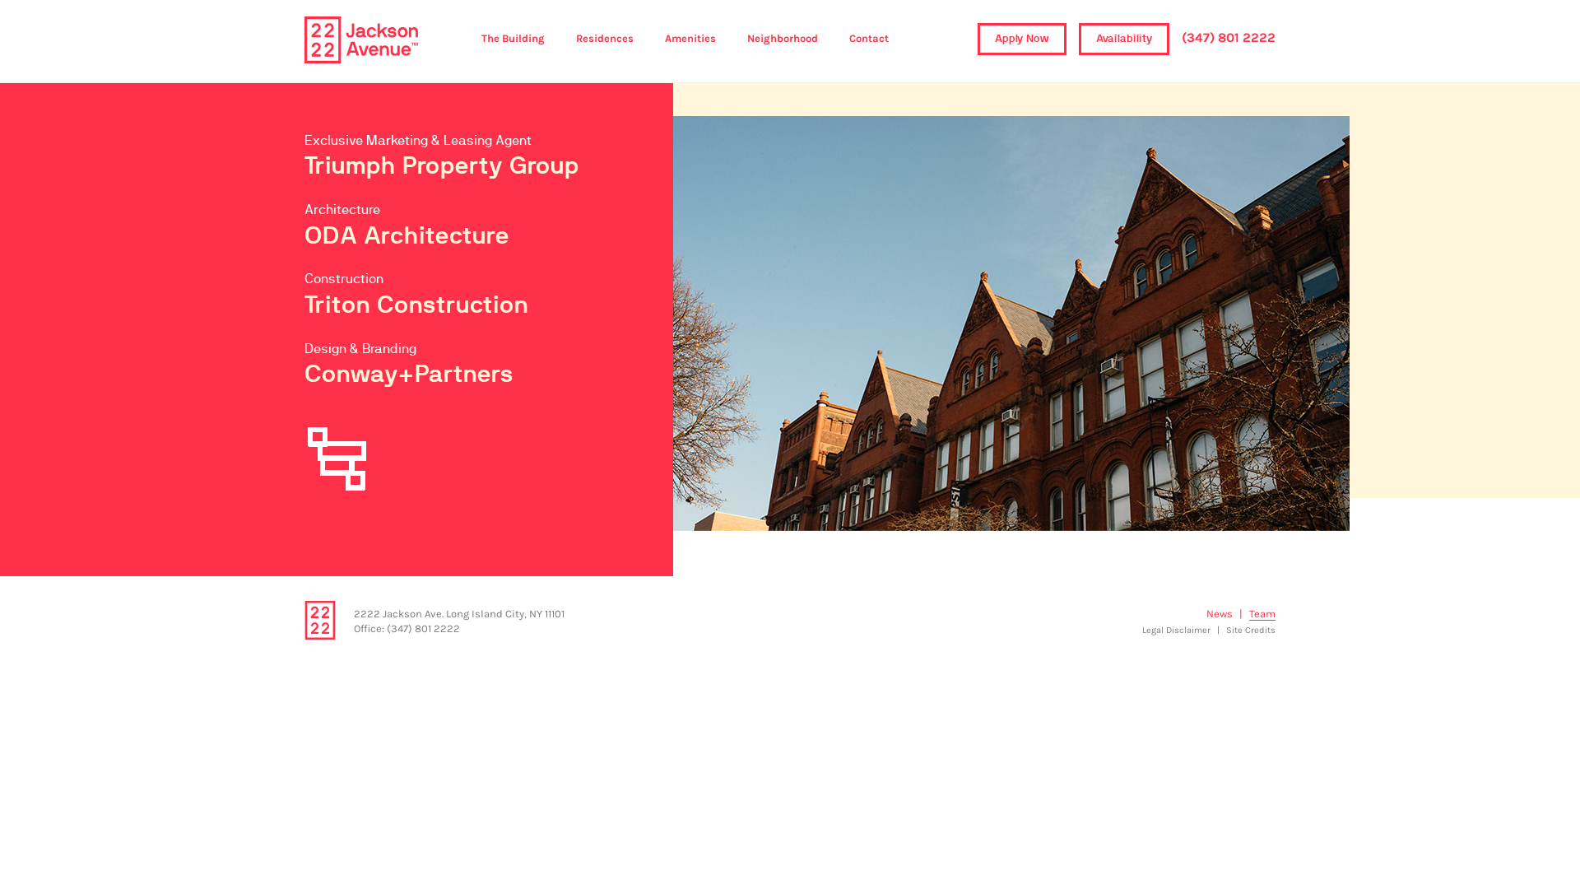 This screenshot has height=889, width=1580. I want to click on 'Availability', so click(1123, 38).